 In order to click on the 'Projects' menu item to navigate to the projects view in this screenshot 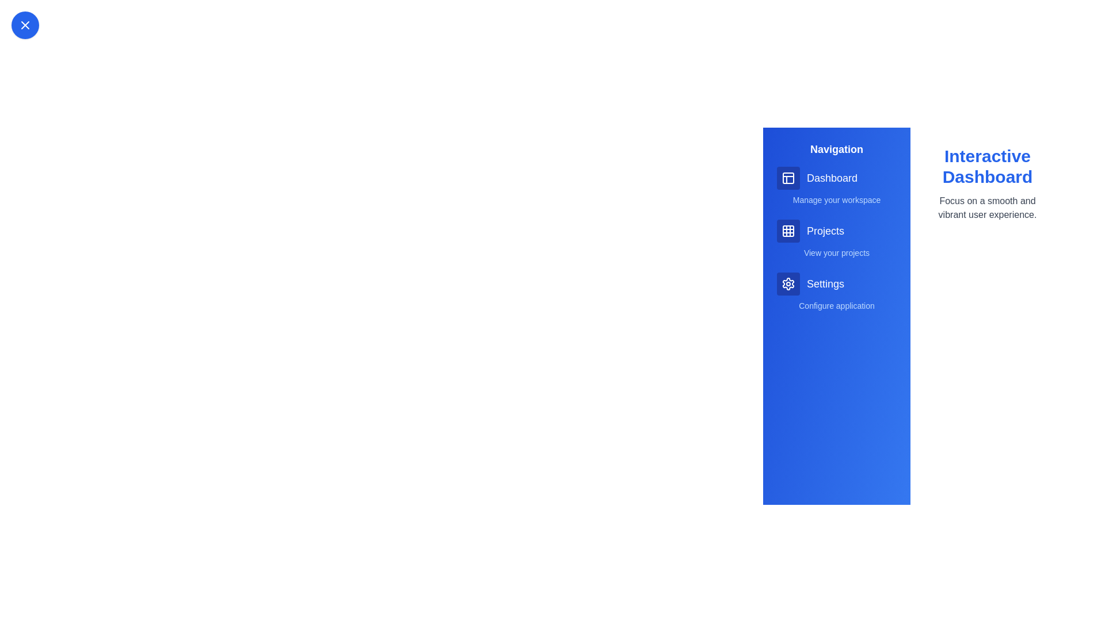, I will do `click(837, 231)`.